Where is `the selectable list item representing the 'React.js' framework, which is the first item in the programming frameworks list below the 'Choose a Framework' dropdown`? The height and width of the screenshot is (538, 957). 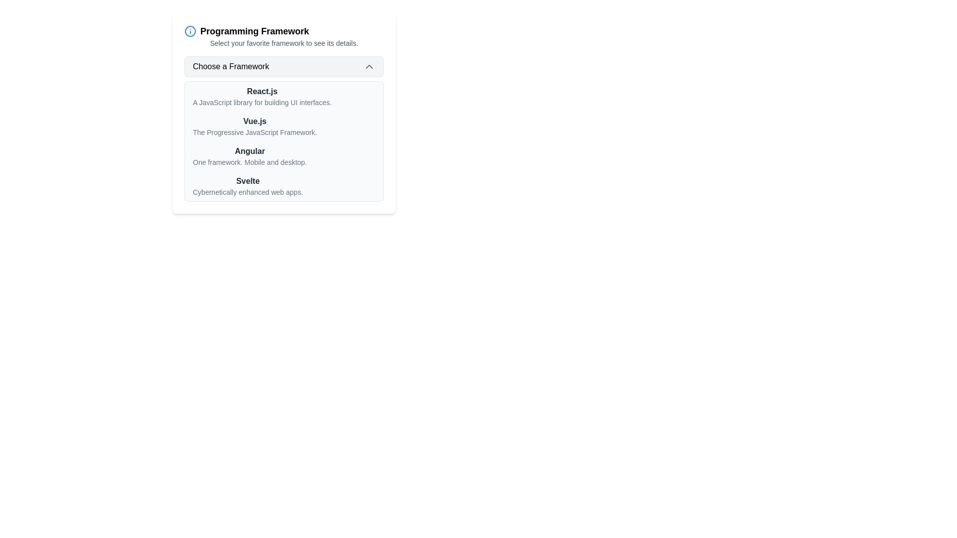 the selectable list item representing the 'React.js' framework, which is the first item in the programming frameworks list below the 'Choose a Framework' dropdown is located at coordinates (284, 96).